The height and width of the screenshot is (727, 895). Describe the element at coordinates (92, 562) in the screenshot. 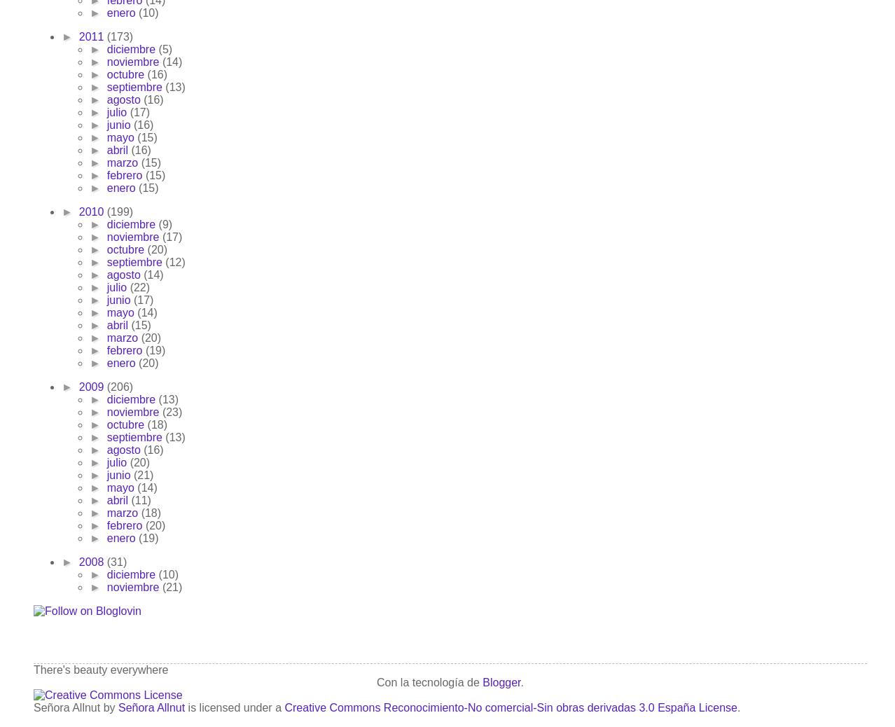

I see `'2008'` at that location.